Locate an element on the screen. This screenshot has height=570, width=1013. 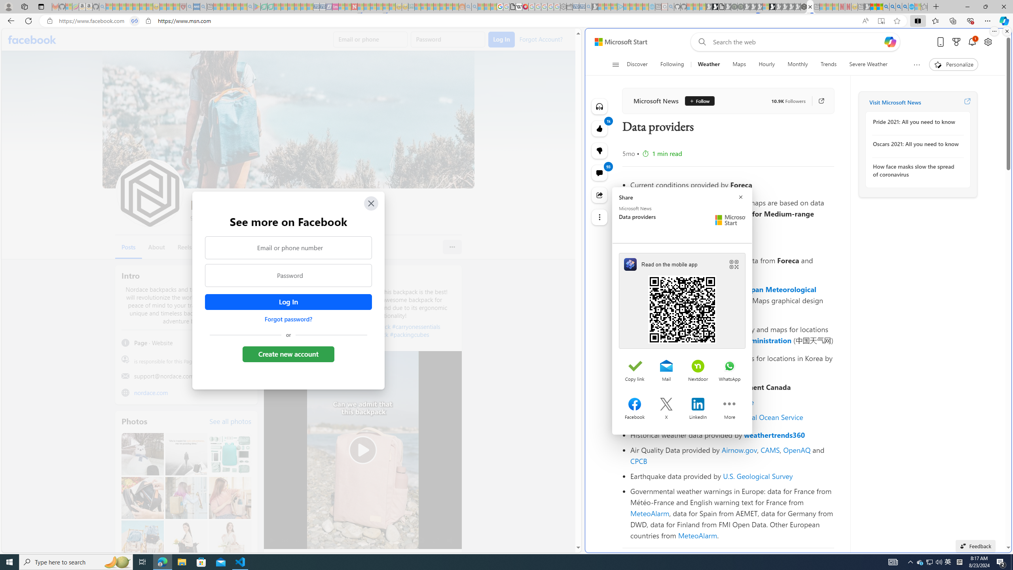
'Trends' is located at coordinates (829, 64).